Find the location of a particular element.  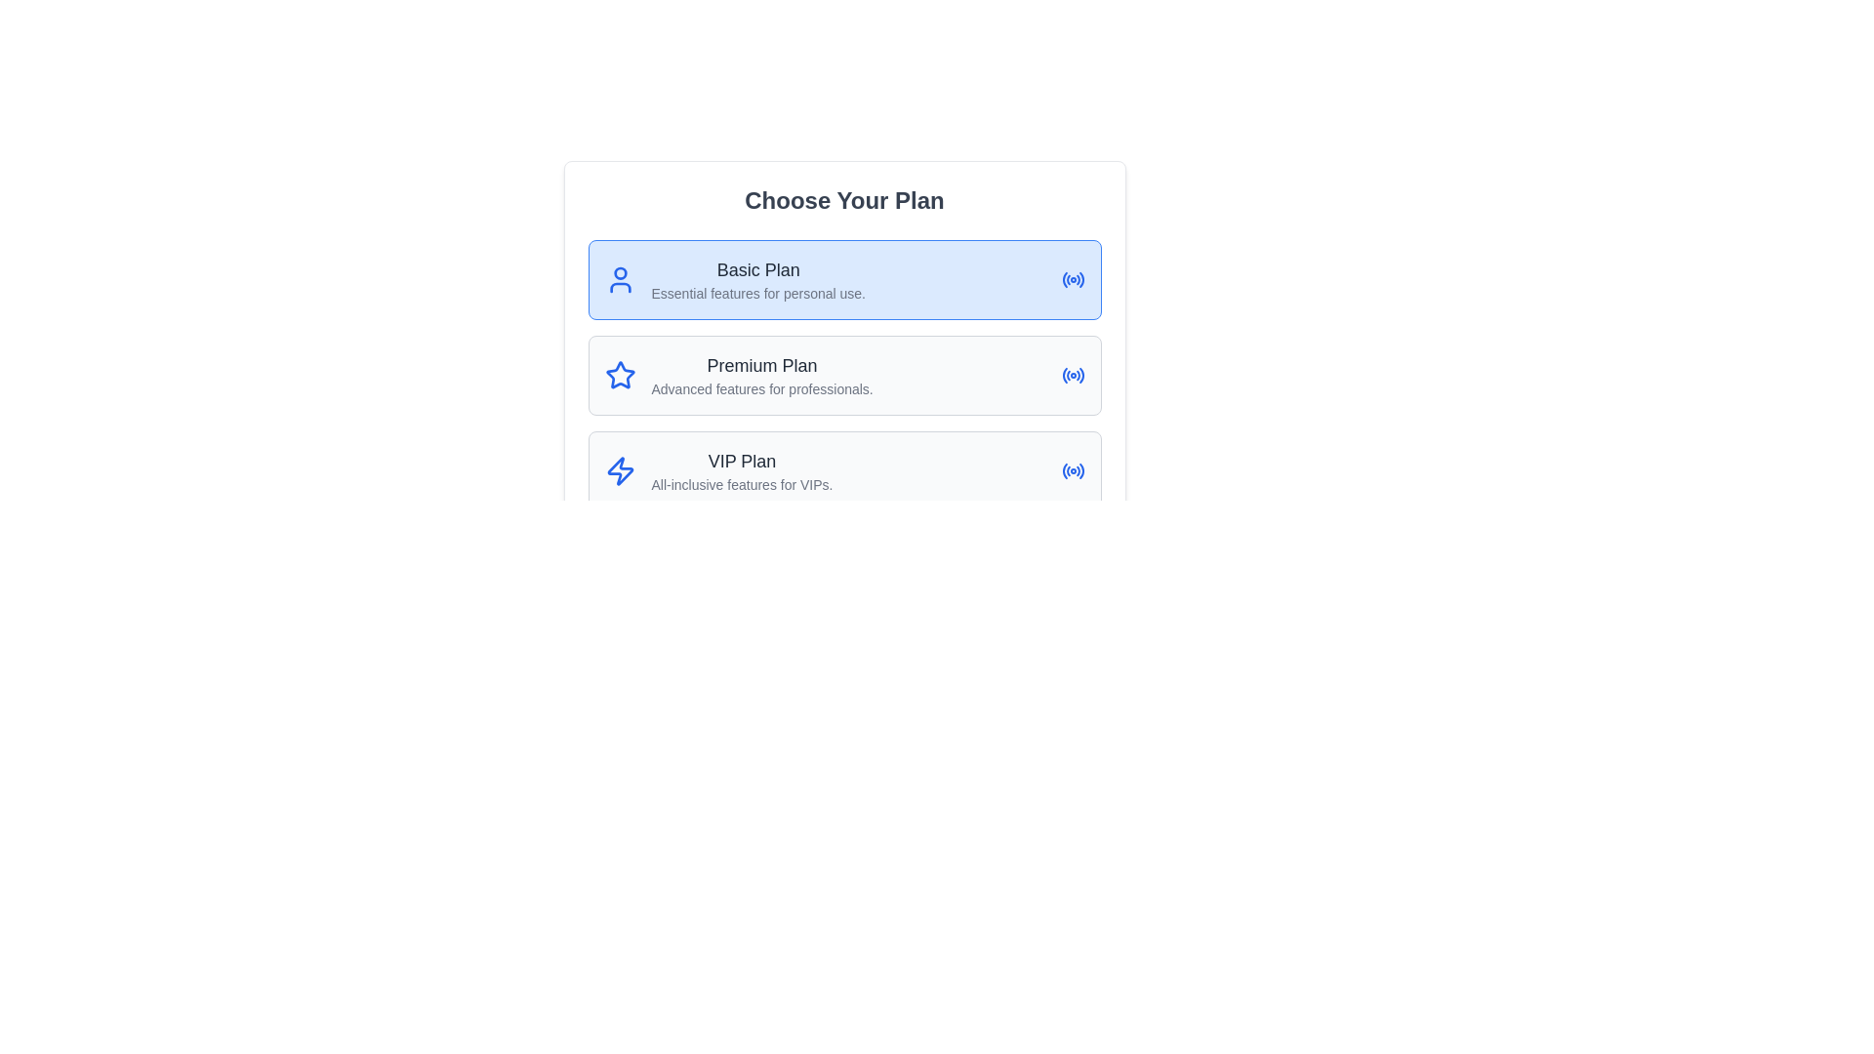

the radio button styled as an icon for the 'Premium Plan' is located at coordinates (1072, 376).